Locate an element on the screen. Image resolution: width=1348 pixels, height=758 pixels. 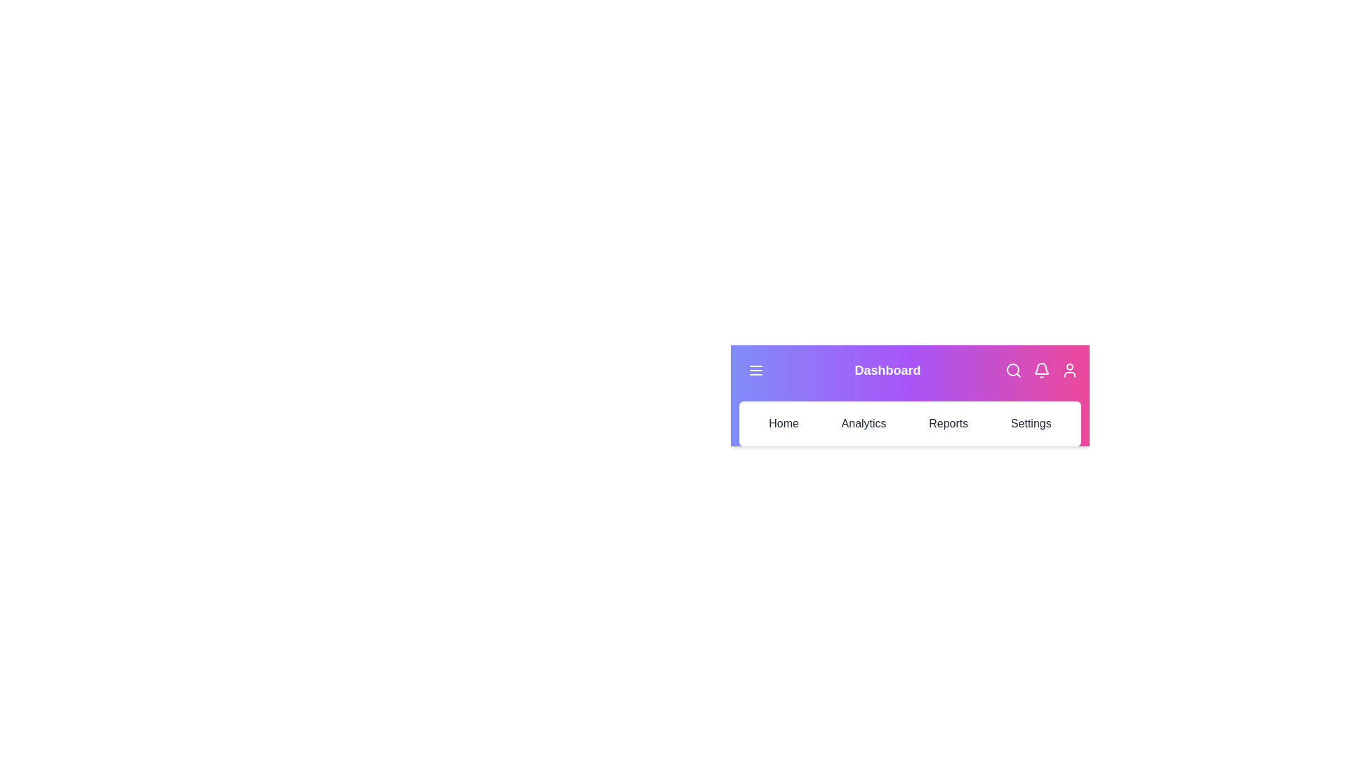
the menu icon to toggle the menu visibility is located at coordinates (755, 370).